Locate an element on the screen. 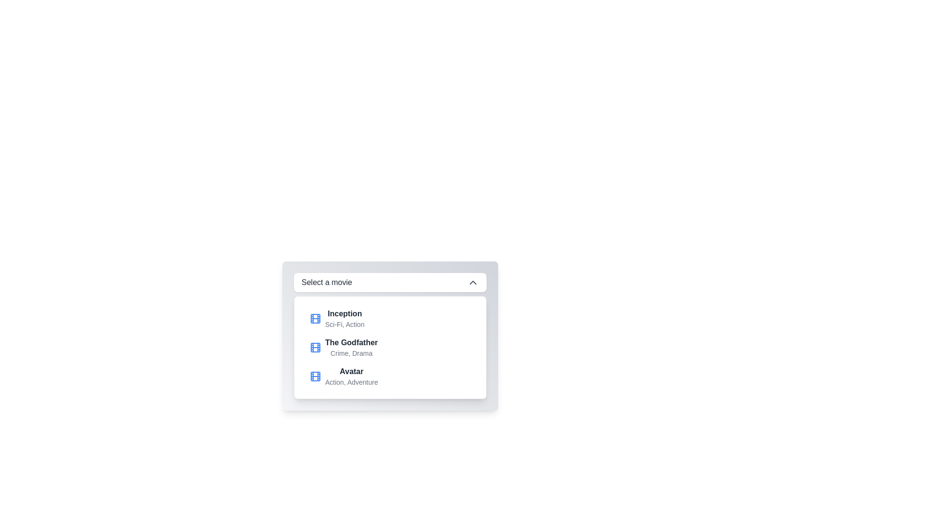  the chevron-up icon on the right side of the 'Select a movie' bar is located at coordinates (473, 282).